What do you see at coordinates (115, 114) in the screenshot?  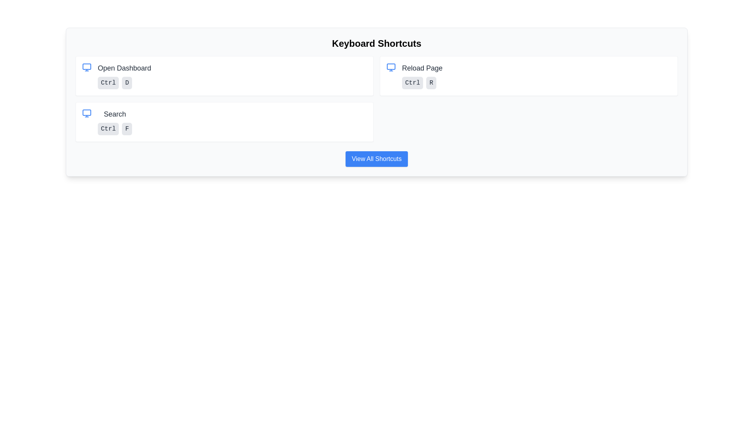 I see `the 'Search' text label, which is a large, bold, gray-colored font element positioned centrally in the second row of shortcut information, above the 'Ctrl F' keyboard shortcut labels` at bounding box center [115, 114].